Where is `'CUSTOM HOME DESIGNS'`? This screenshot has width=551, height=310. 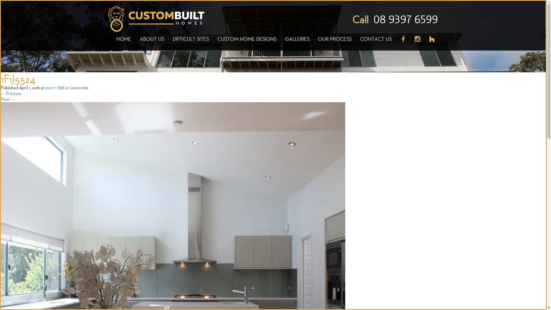 'CUSTOM HOME DESIGNS' is located at coordinates (247, 42).